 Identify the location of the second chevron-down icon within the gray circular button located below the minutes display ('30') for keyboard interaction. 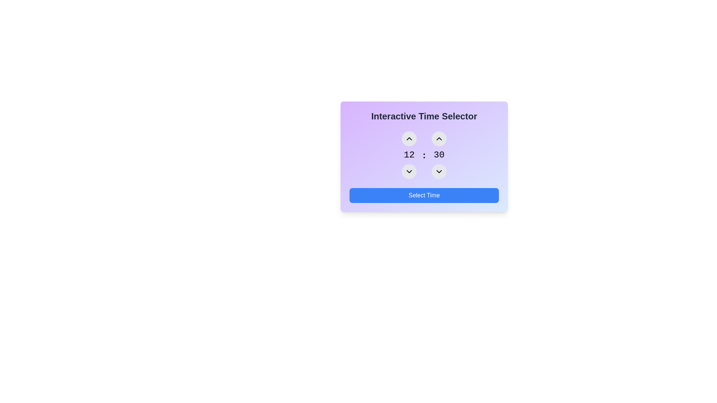
(439, 171).